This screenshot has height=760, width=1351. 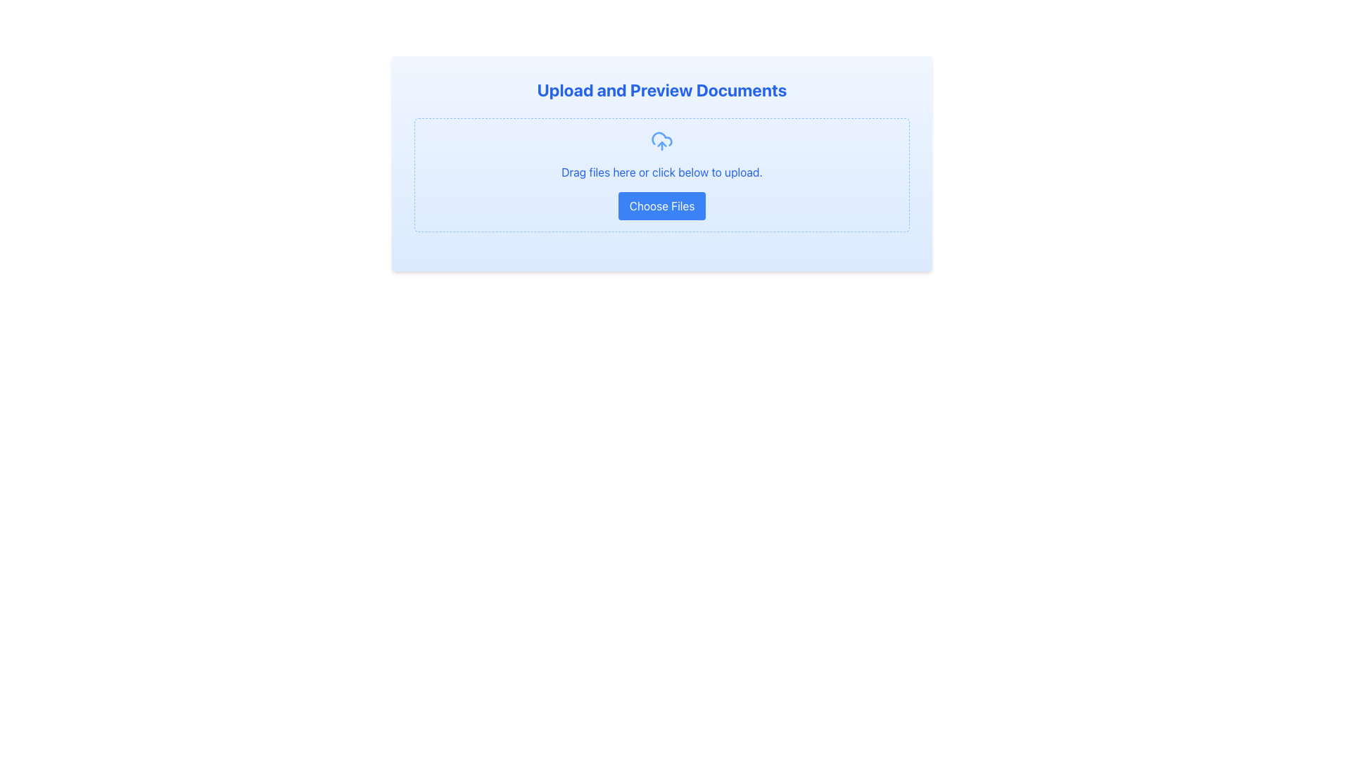 I want to click on the File upload area with a supporting button, which features a dashed border, light blue background, and a blue 'Choose Files' button underneath a cloud upload icon, so click(x=661, y=175).